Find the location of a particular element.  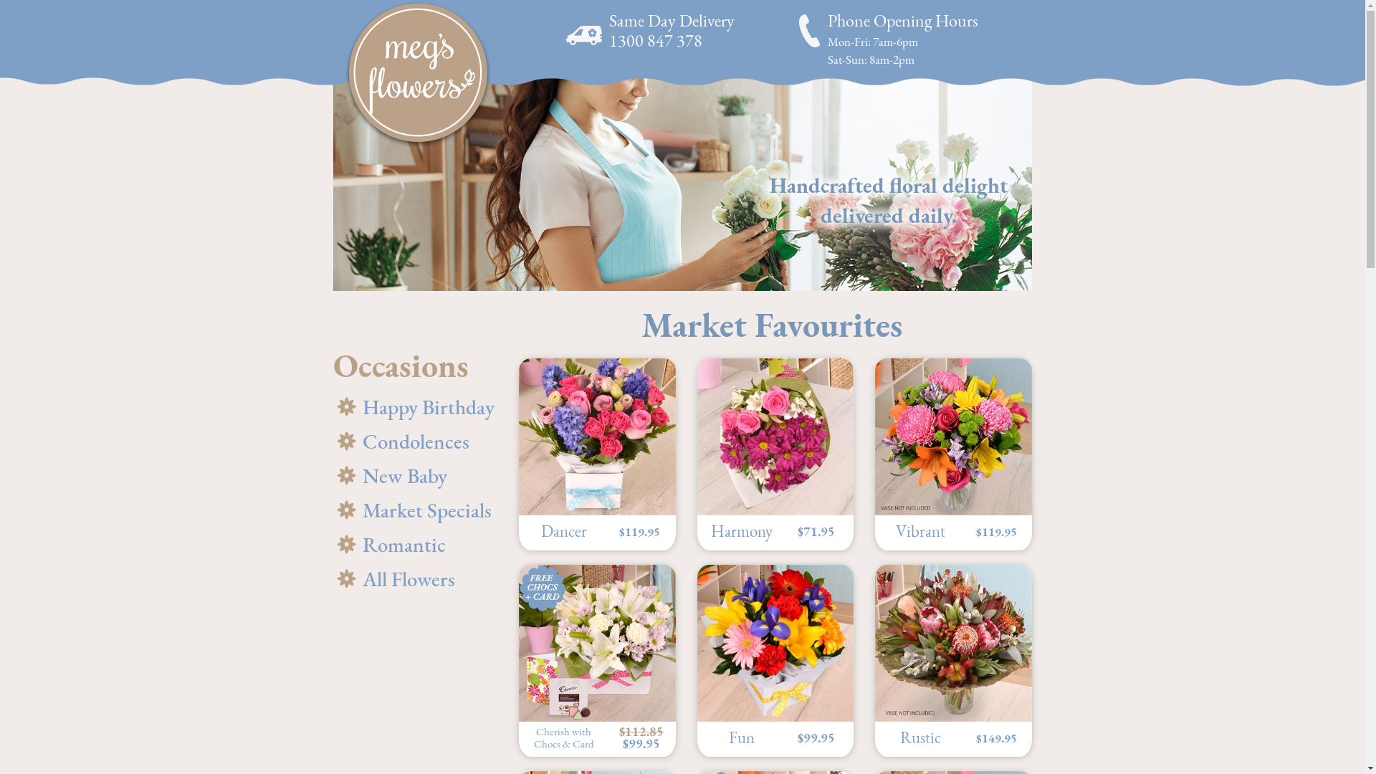

'Harmony is located at coordinates (696, 454).